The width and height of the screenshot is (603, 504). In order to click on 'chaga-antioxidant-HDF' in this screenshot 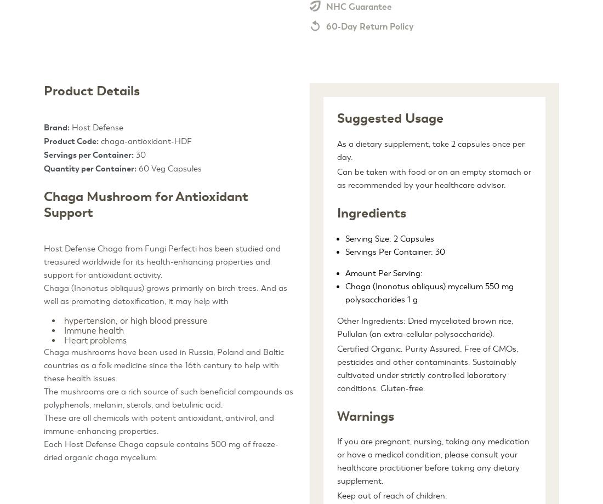, I will do `click(145, 140)`.